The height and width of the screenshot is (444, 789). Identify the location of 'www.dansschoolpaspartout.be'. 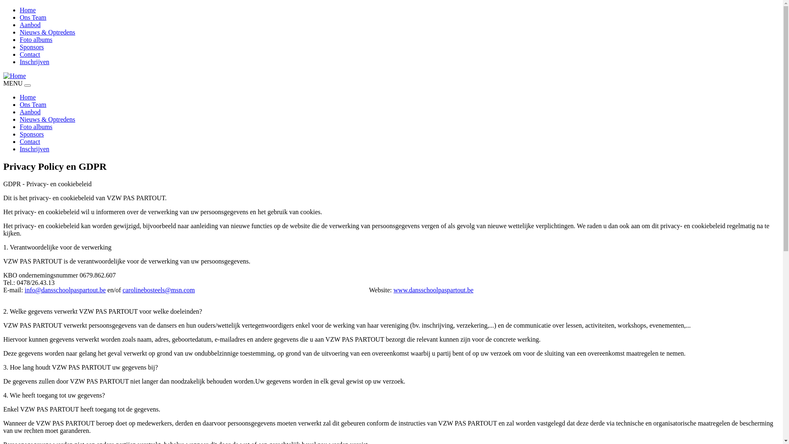
(433, 289).